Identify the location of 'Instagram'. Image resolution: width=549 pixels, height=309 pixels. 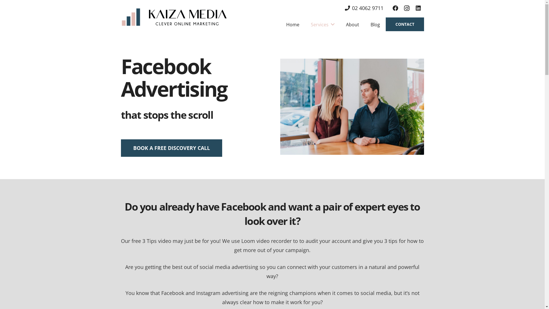
(406, 8).